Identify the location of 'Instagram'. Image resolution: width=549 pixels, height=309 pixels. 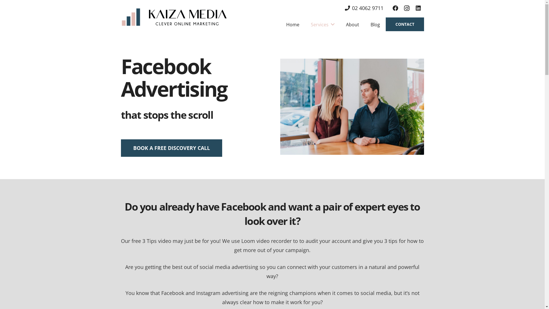
(406, 8).